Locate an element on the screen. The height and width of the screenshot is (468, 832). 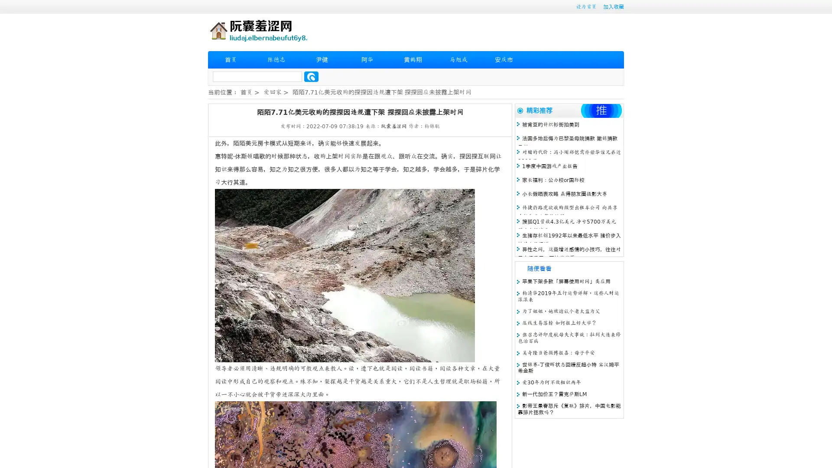
Search is located at coordinates (311, 76).